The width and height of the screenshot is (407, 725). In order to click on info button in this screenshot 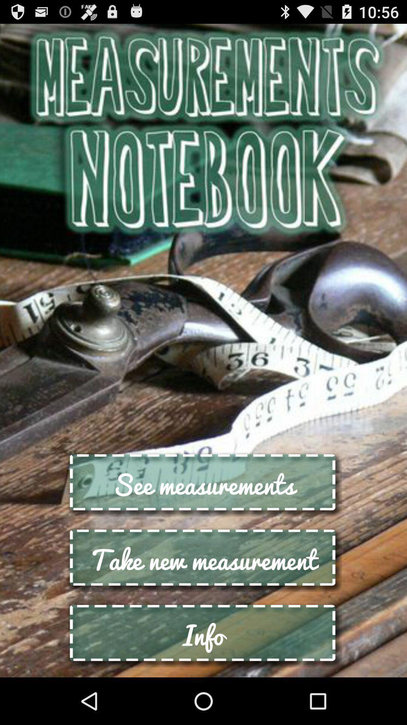, I will do `click(203, 634)`.